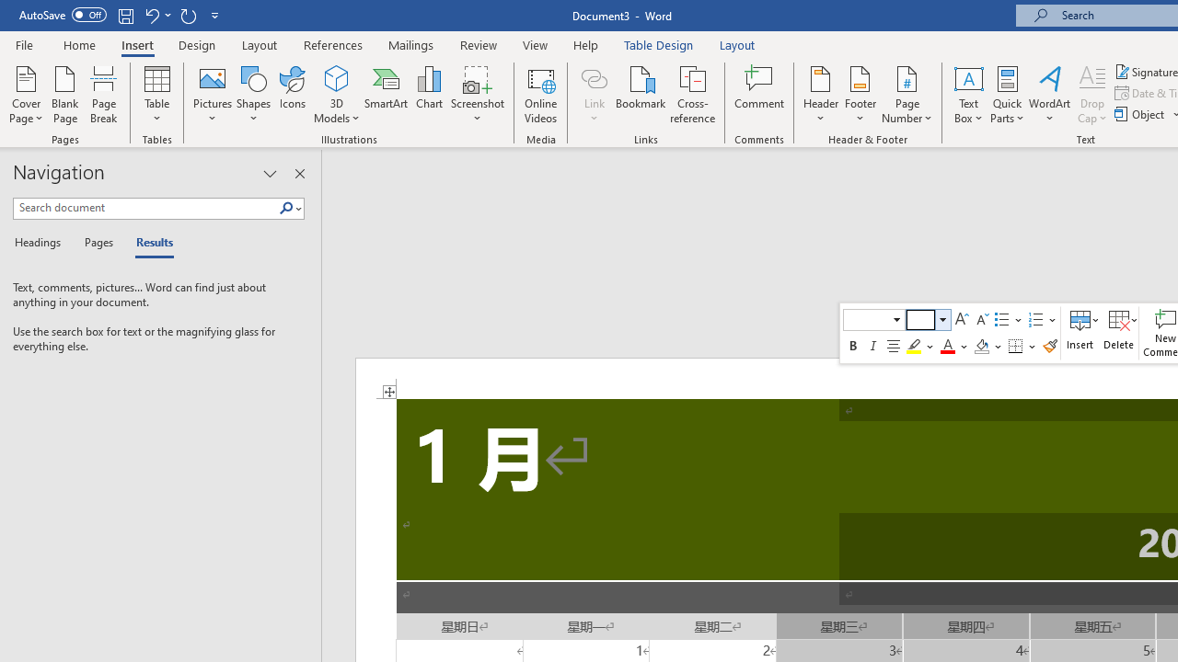  Describe the element at coordinates (947, 346) in the screenshot. I see `'Font Color Red'` at that location.